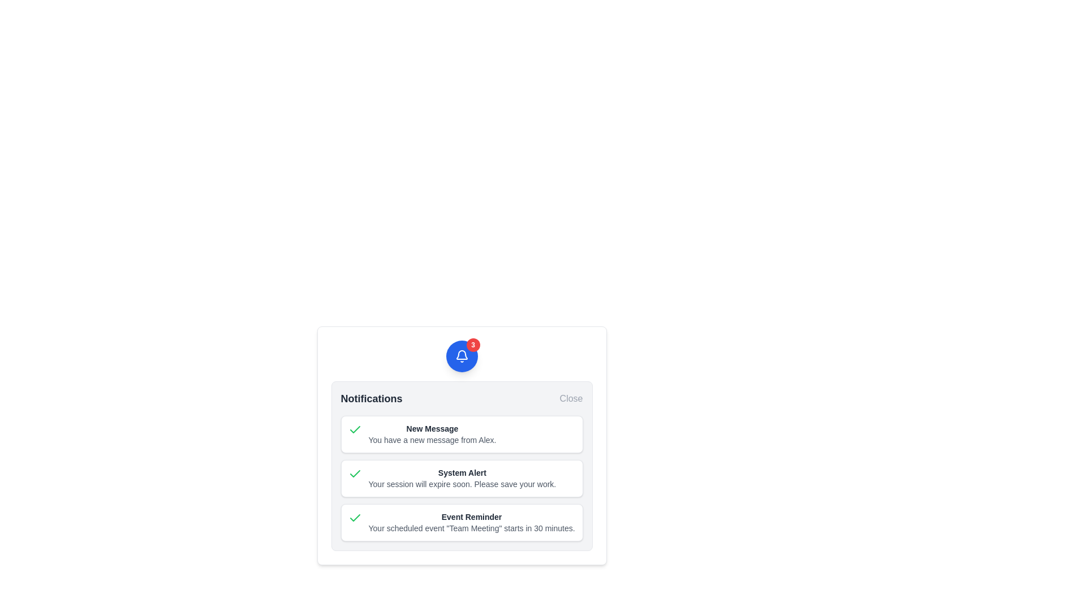 This screenshot has width=1086, height=611. I want to click on the notification message indicating a new message received from 'Alex', located in the topmost notification of the notifications panel beneath the header labeled 'Notifications', so click(432, 433).